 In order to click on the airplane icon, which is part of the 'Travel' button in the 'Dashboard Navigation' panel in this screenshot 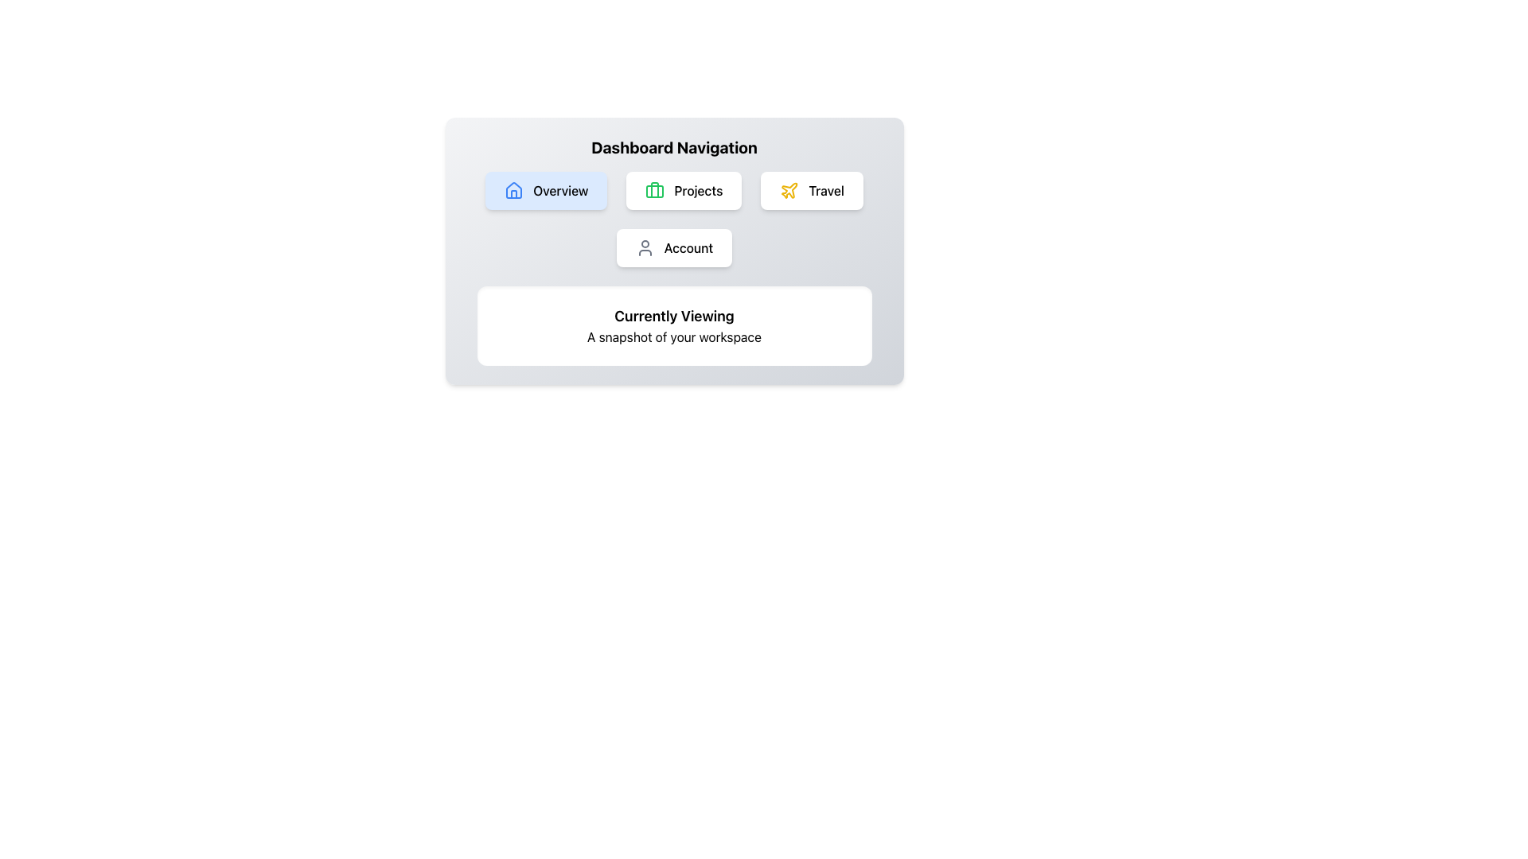, I will do `click(789, 189)`.